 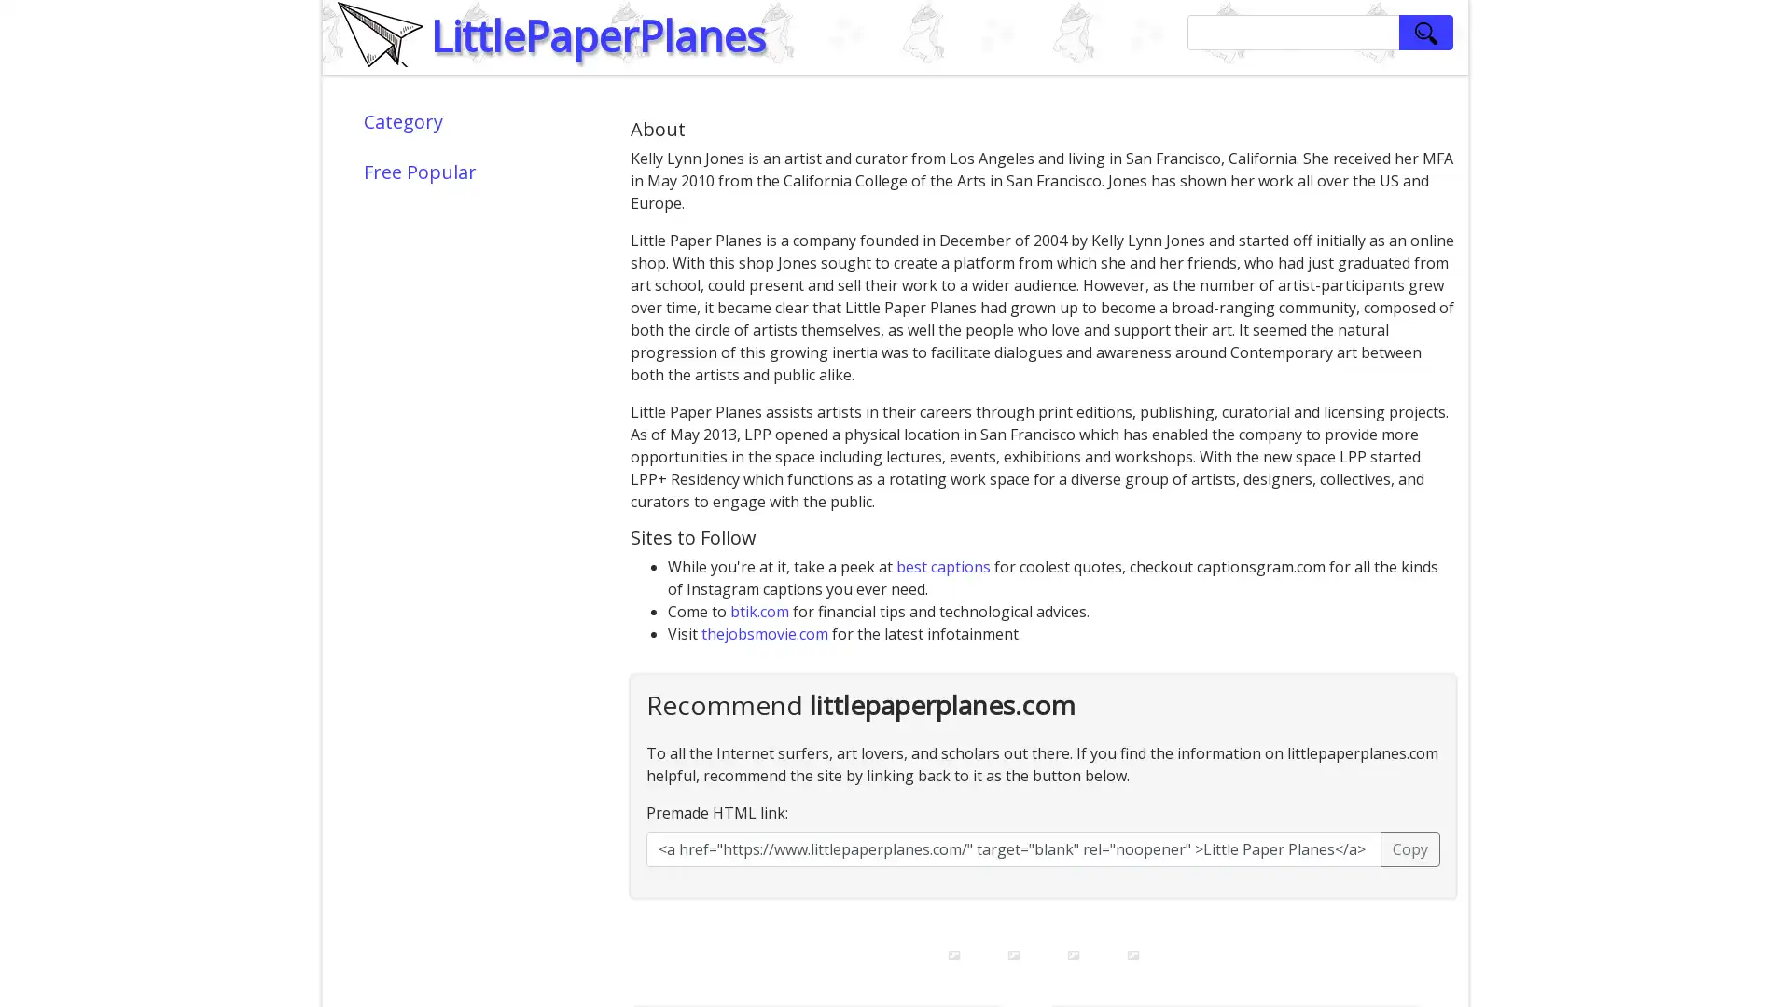 I want to click on Copy, so click(x=1410, y=848).